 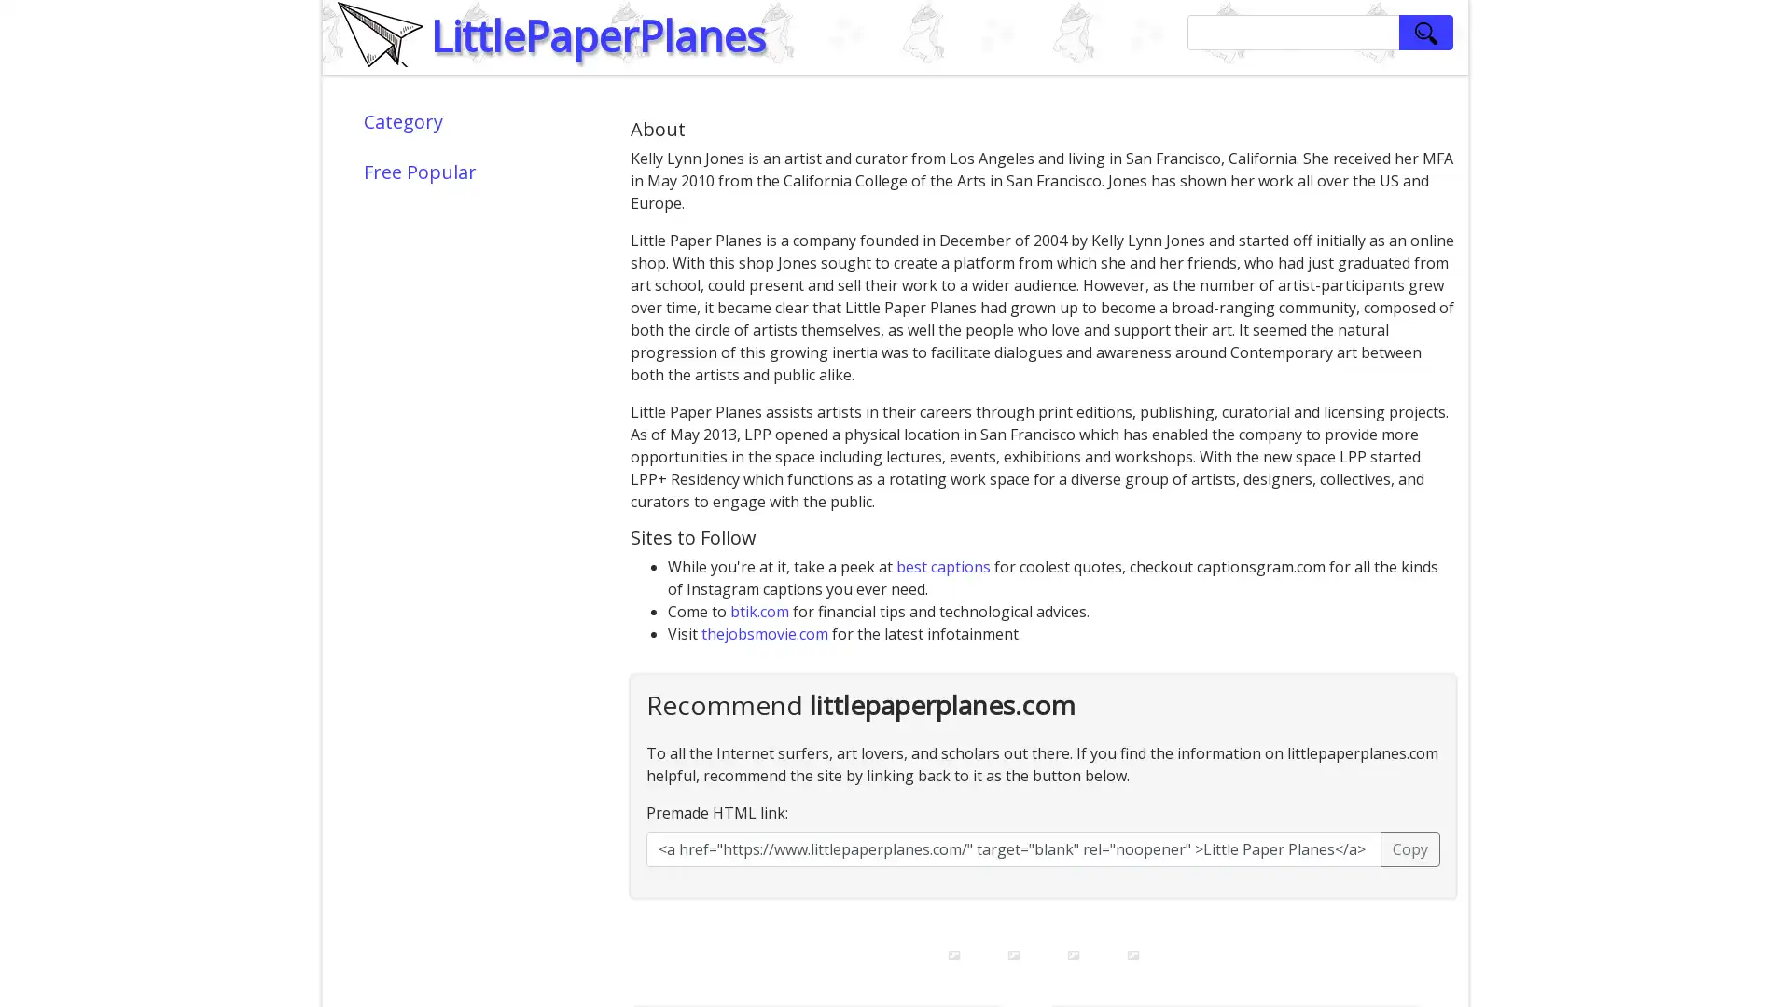 I want to click on Copy, so click(x=1410, y=848).